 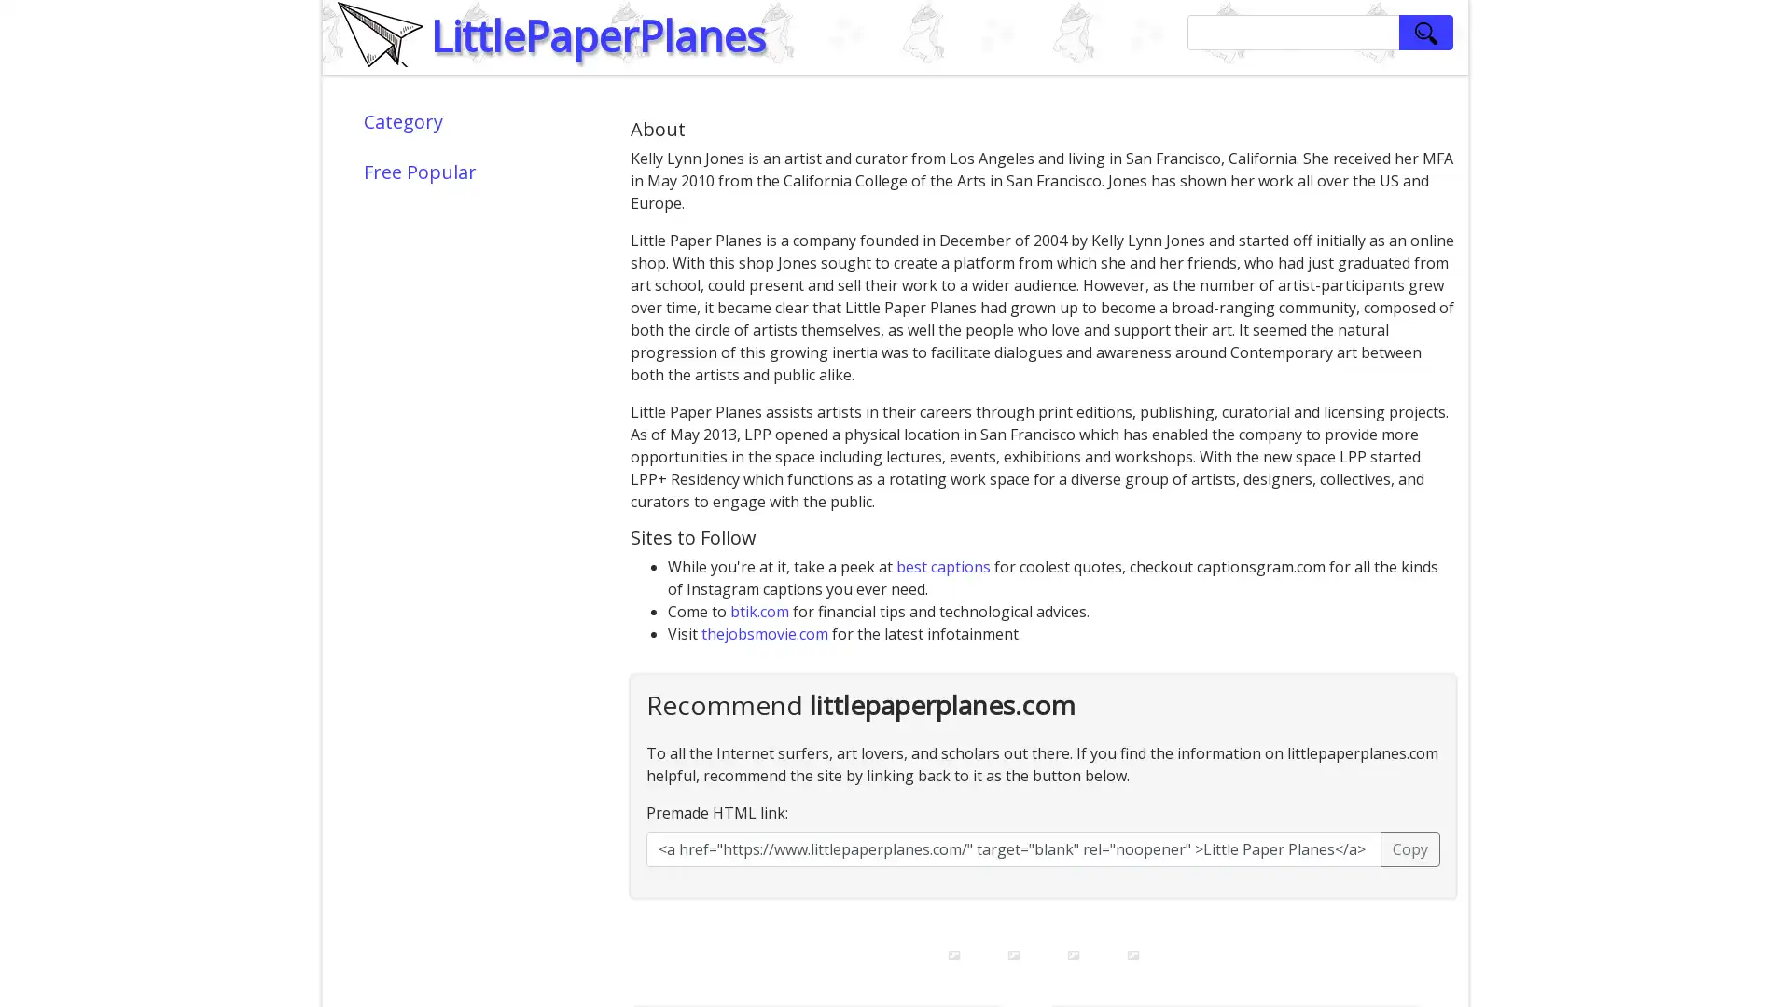 I want to click on Copy, so click(x=1410, y=848).